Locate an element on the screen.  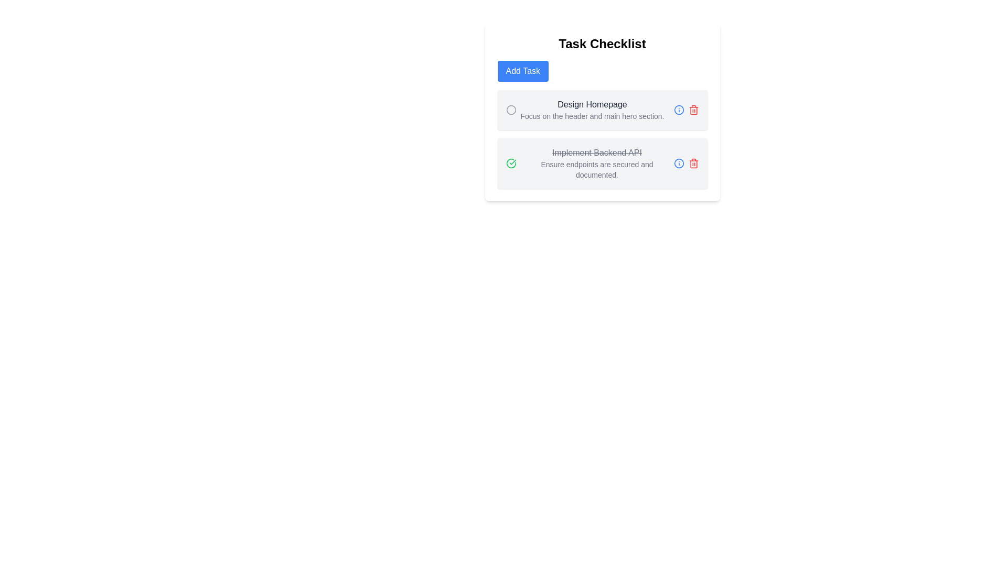
the red trash can icon button located on the right-hand side of the 'Design Homepage' task in the Task Checklist section is located at coordinates (693, 110).